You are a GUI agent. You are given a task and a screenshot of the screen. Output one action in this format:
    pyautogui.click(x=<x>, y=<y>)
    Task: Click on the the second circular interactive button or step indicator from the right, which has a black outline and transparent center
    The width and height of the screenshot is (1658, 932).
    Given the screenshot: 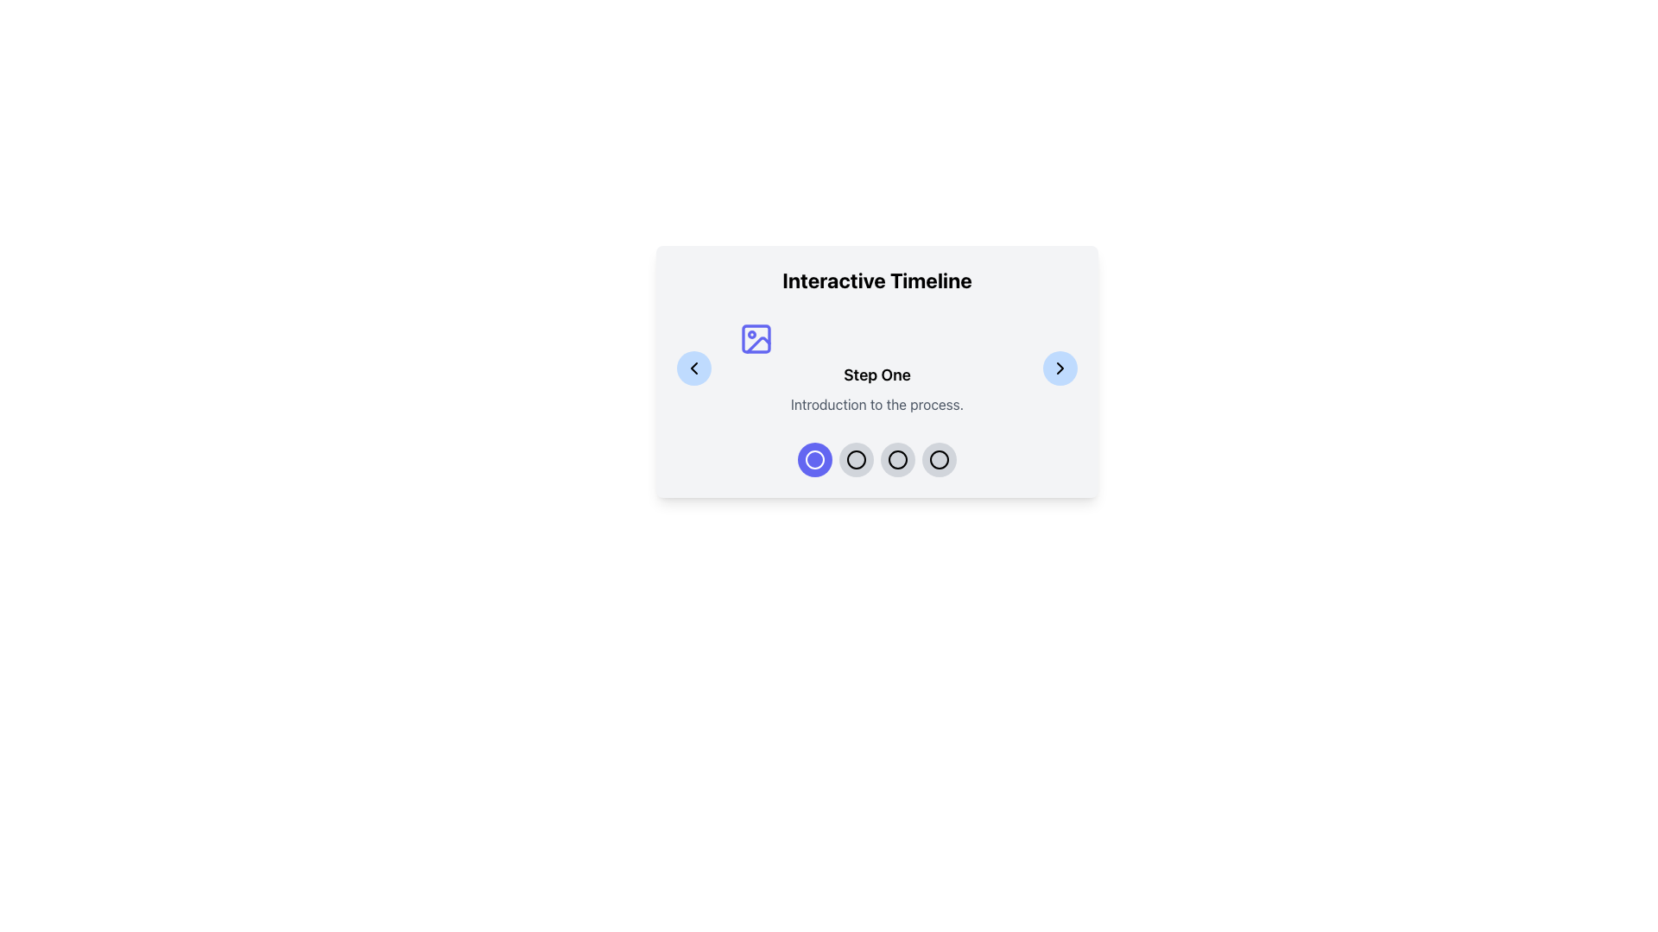 What is the action you would take?
    pyautogui.click(x=898, y=458)
    